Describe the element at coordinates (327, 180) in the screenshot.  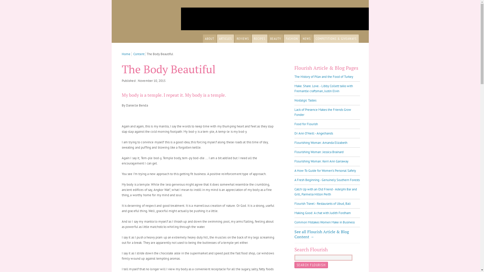
I see `'A Fresh Beginning - Genuinely Southern Forests'` at that location.